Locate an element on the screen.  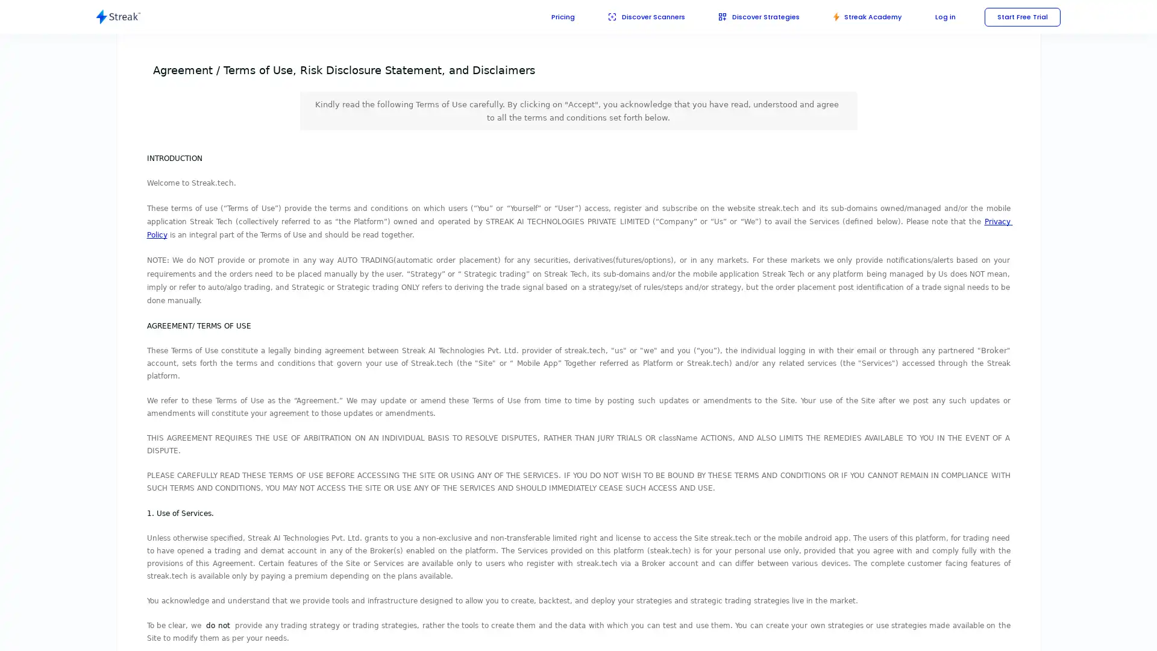
Pricing is located at coordinates (545, 16).